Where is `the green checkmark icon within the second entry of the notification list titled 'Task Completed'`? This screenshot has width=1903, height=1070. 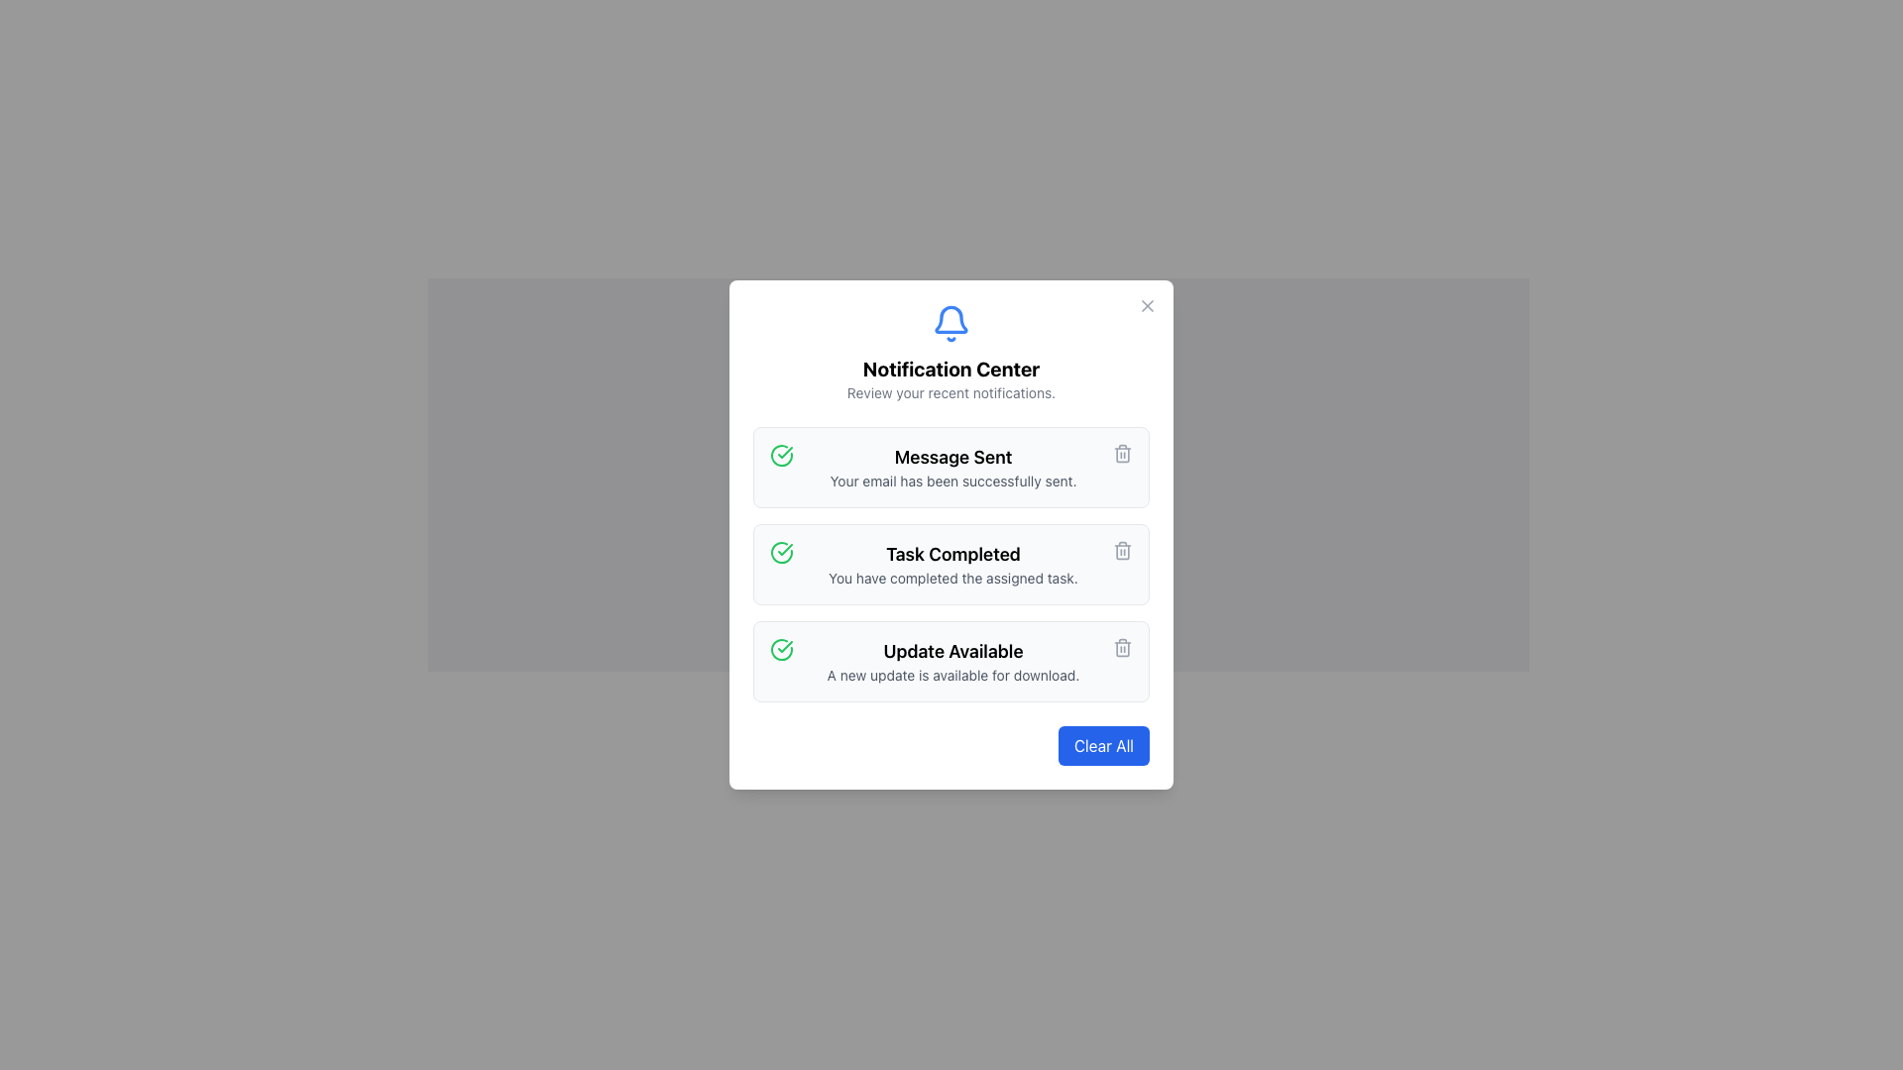 the green checkmark icon within the second entry of the notification list titled 'Task Completed' is located at coordinates (784, 646).